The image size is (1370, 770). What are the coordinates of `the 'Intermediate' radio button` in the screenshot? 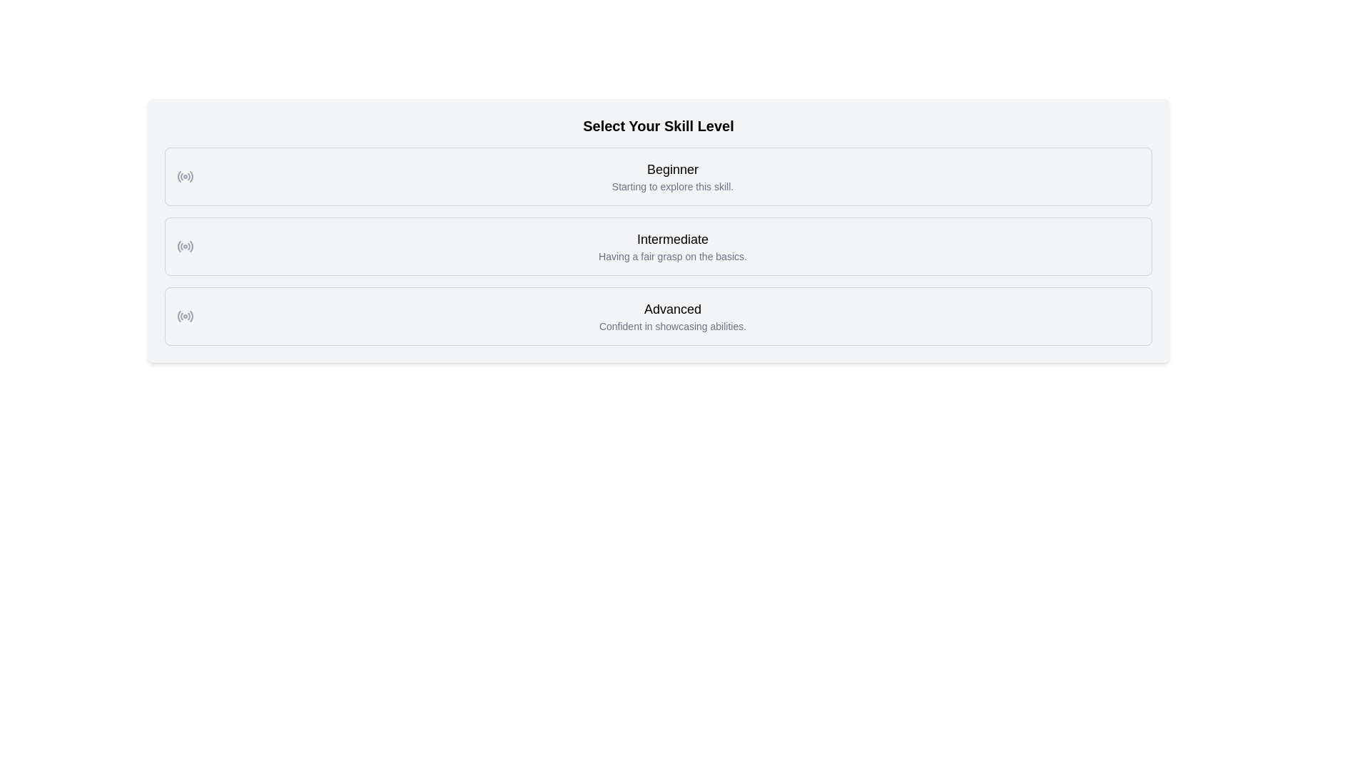 It's located at (184, 246).